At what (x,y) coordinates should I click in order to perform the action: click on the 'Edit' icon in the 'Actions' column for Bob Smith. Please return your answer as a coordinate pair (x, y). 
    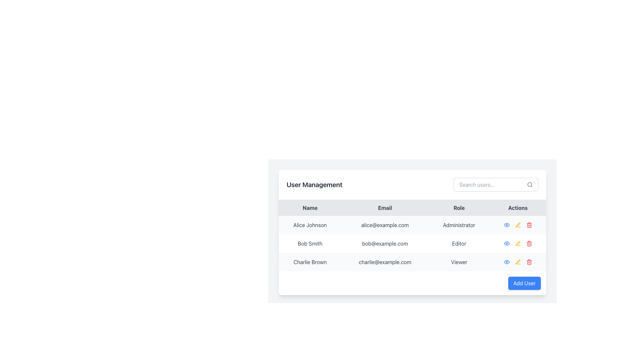
    Looking at the image, I should click on (517, 243).